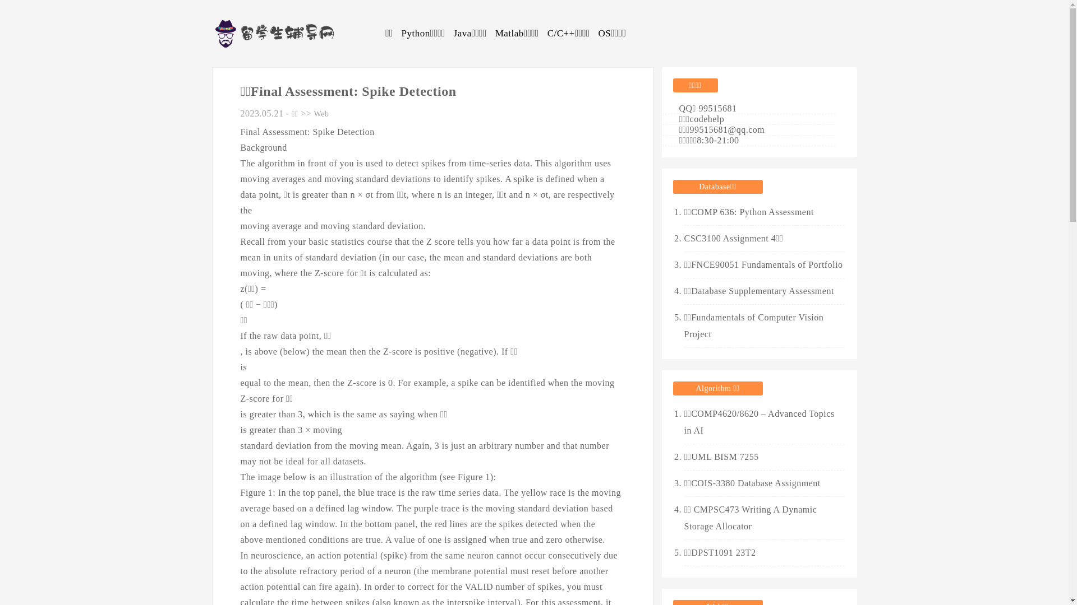 This screenshot has width=1077, height=605. What do you see at coordinates (314, 114) in the screenshot?
I see `'Web'` at bounding box center [314, 114].